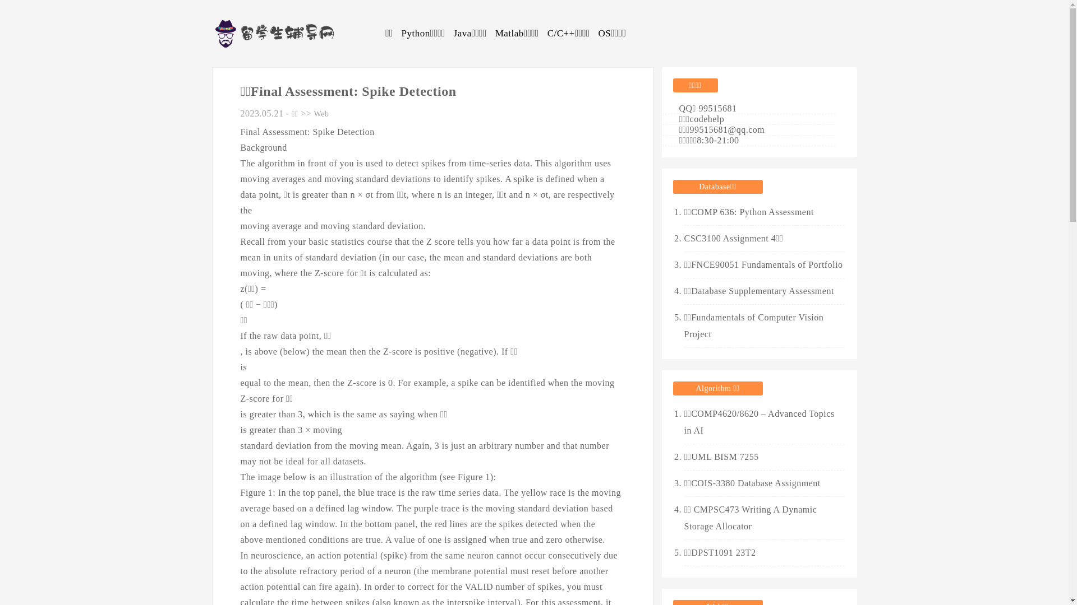 This screenshot has width=1077, height=605. What do you see at coordinates (314, 114) in the screenshot?
I see `'Web'` at bounding box center [314, 114].